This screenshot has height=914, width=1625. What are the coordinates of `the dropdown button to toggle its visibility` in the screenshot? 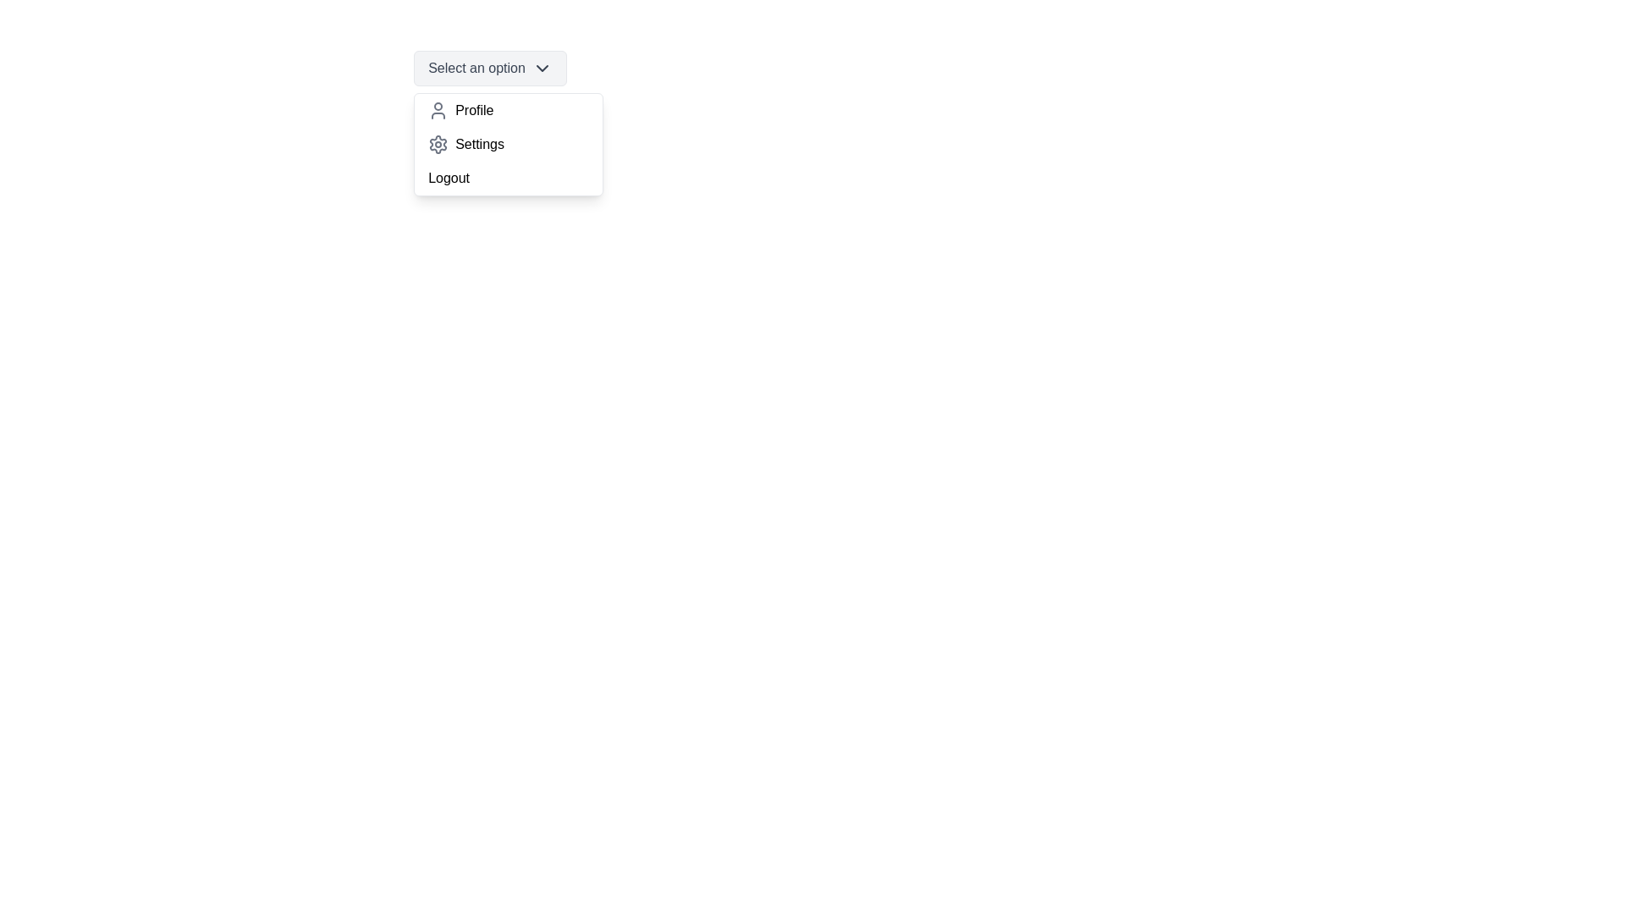 It's located at (489, 68).